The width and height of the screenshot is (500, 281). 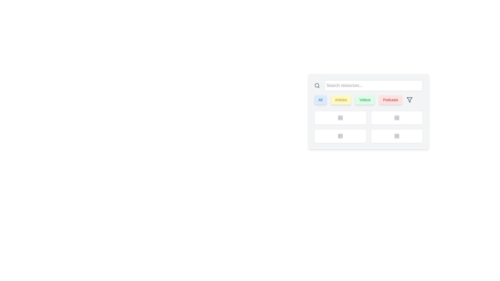 What do you see at coordinates (396, 118) in the screenshot?
I see `the SVG icon representing a 3x3 grid located in the lower-right button of the group of six evenly spaced buttons in the central interface box` at bounding box center [396, 118].